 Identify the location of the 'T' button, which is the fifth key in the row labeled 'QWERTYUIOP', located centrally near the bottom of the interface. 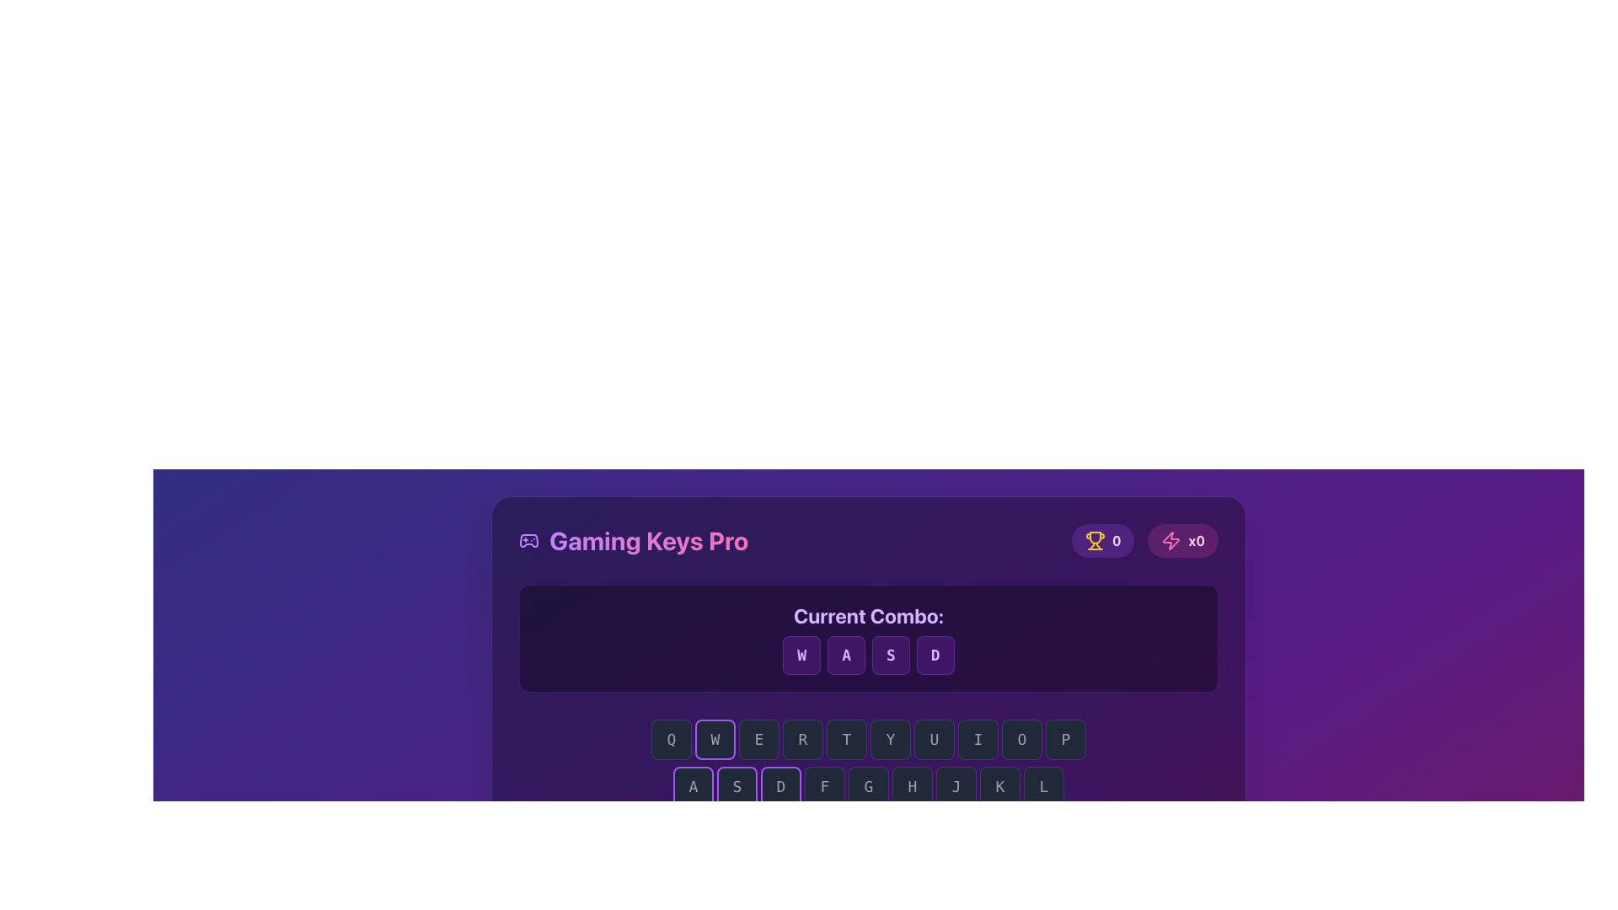
(846, 739).